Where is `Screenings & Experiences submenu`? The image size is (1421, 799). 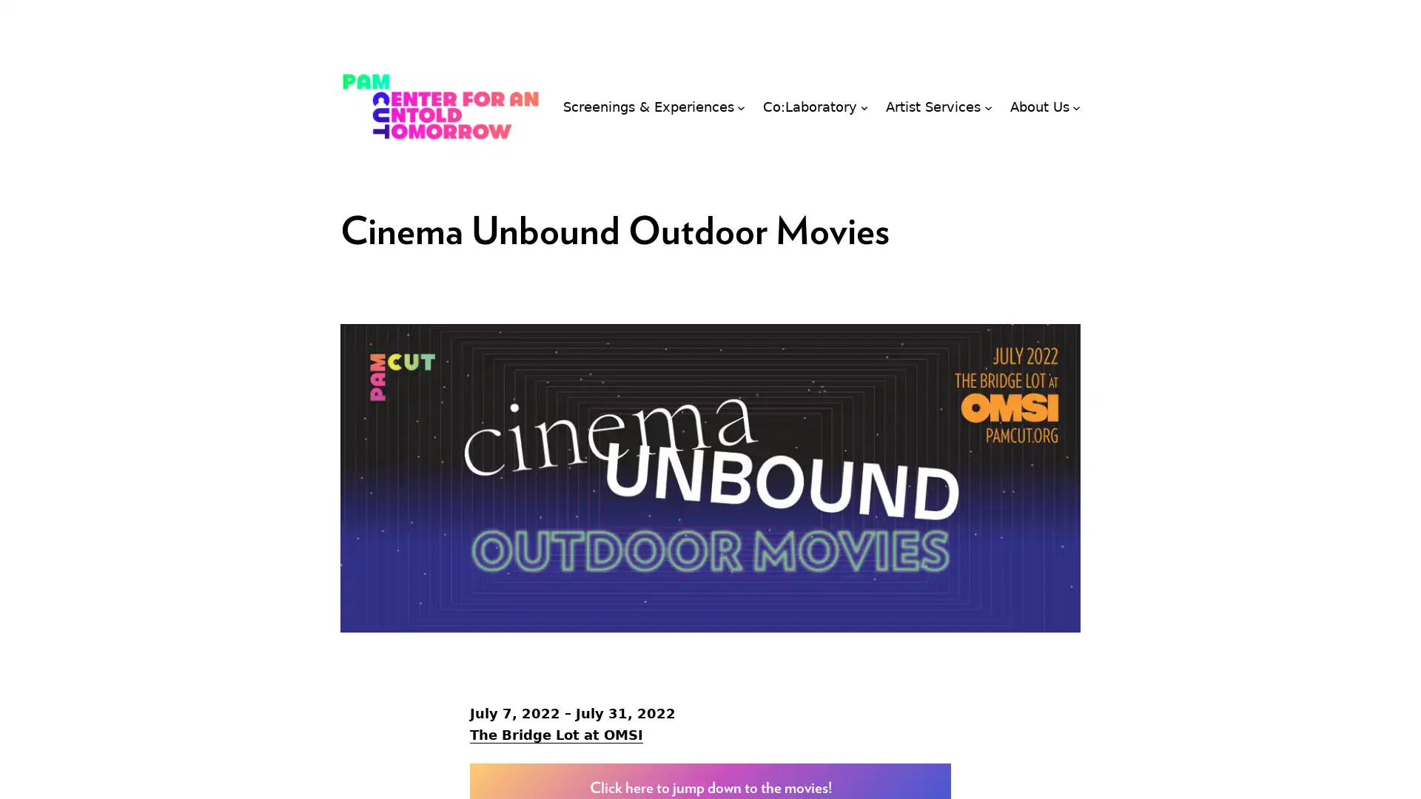 Screenings & Experiences submenu is located at coordinates (741, 106).